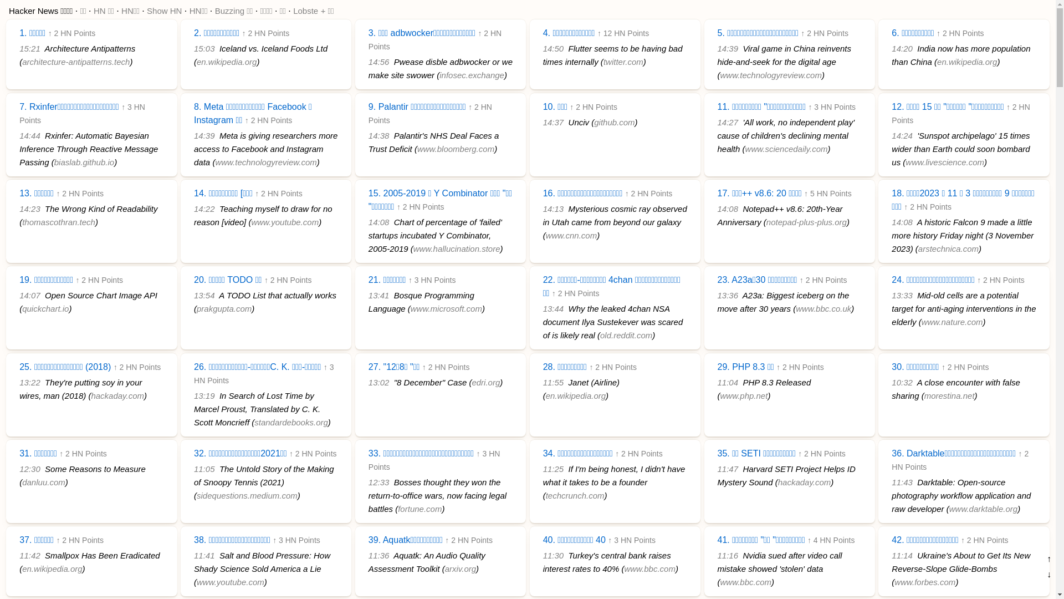 The height and width of the screenshot is (599, 1064). What do you see at coordinates (379, 222) in the screenshot?
I see `'14:08'` at bounding box center [379, 222].